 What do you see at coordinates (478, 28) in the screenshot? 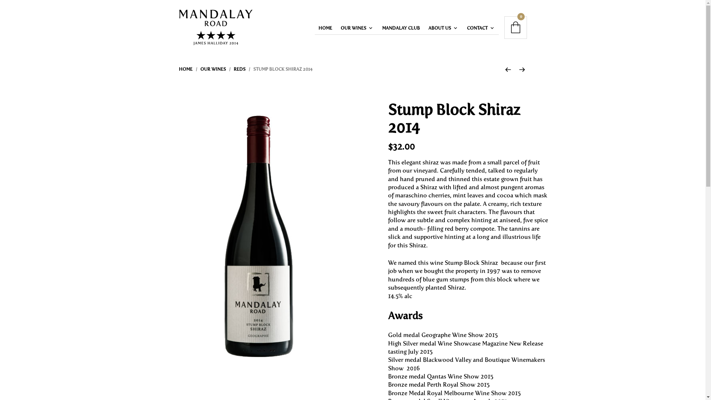
I see `'CONTACT'` at bounding box center [478, 28].